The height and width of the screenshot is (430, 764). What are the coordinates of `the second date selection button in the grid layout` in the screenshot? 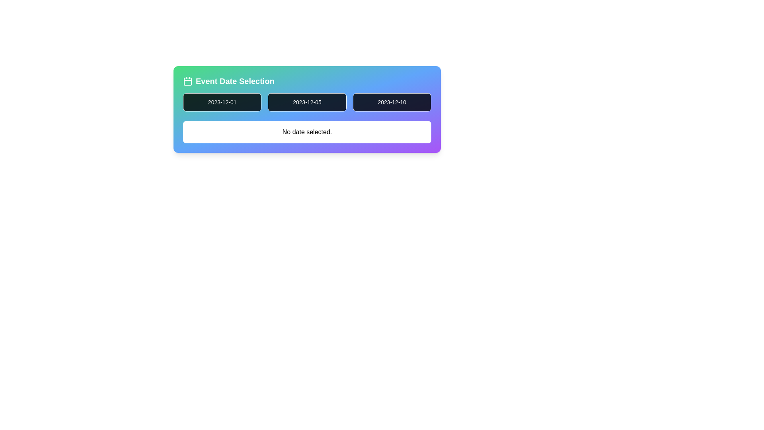 It's located at (307, 102).